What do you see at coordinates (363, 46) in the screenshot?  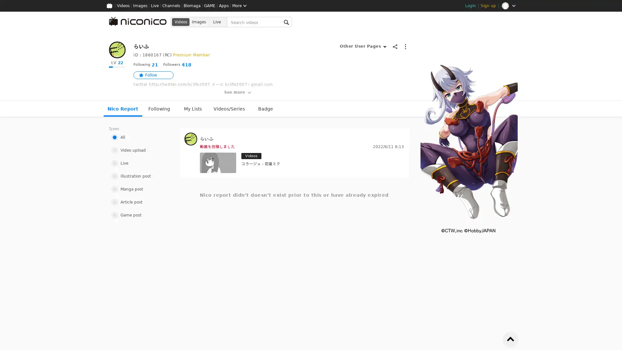 I see `Other User Pages` at bounding box center [363, 46].